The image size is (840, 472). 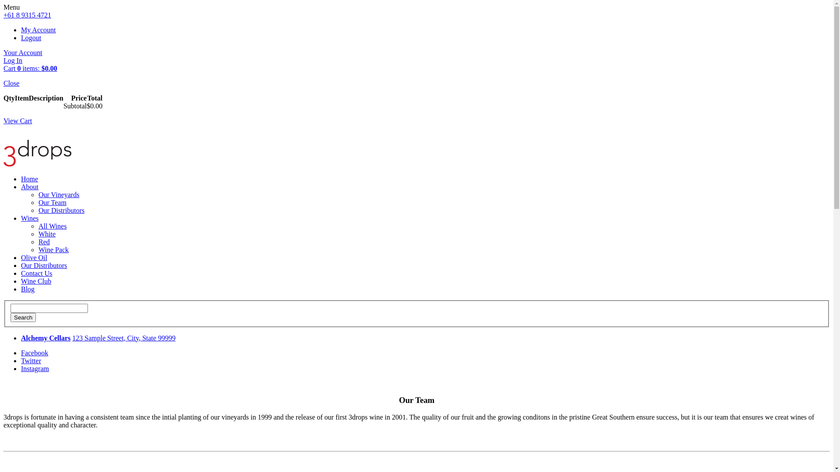 I want to click on 'Wine Club', so click(x=35, y=281).